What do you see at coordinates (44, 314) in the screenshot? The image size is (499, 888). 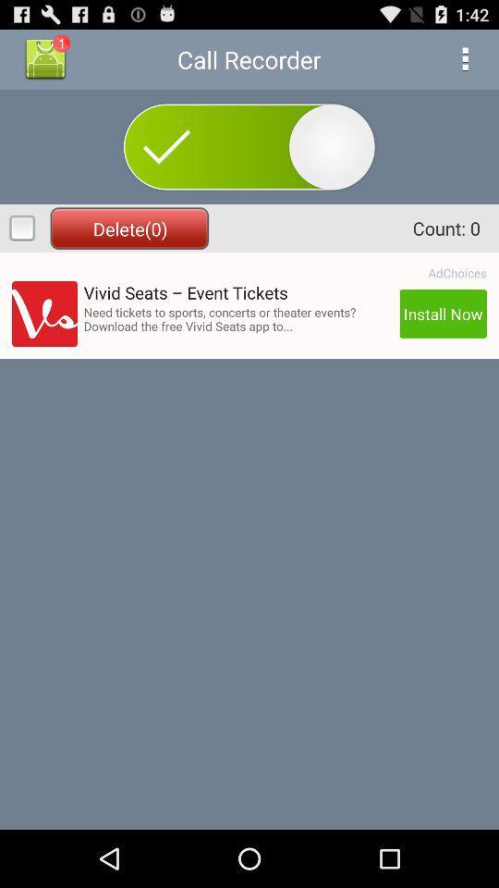 I see `the icon on the left` at bounding box center [44, 314].